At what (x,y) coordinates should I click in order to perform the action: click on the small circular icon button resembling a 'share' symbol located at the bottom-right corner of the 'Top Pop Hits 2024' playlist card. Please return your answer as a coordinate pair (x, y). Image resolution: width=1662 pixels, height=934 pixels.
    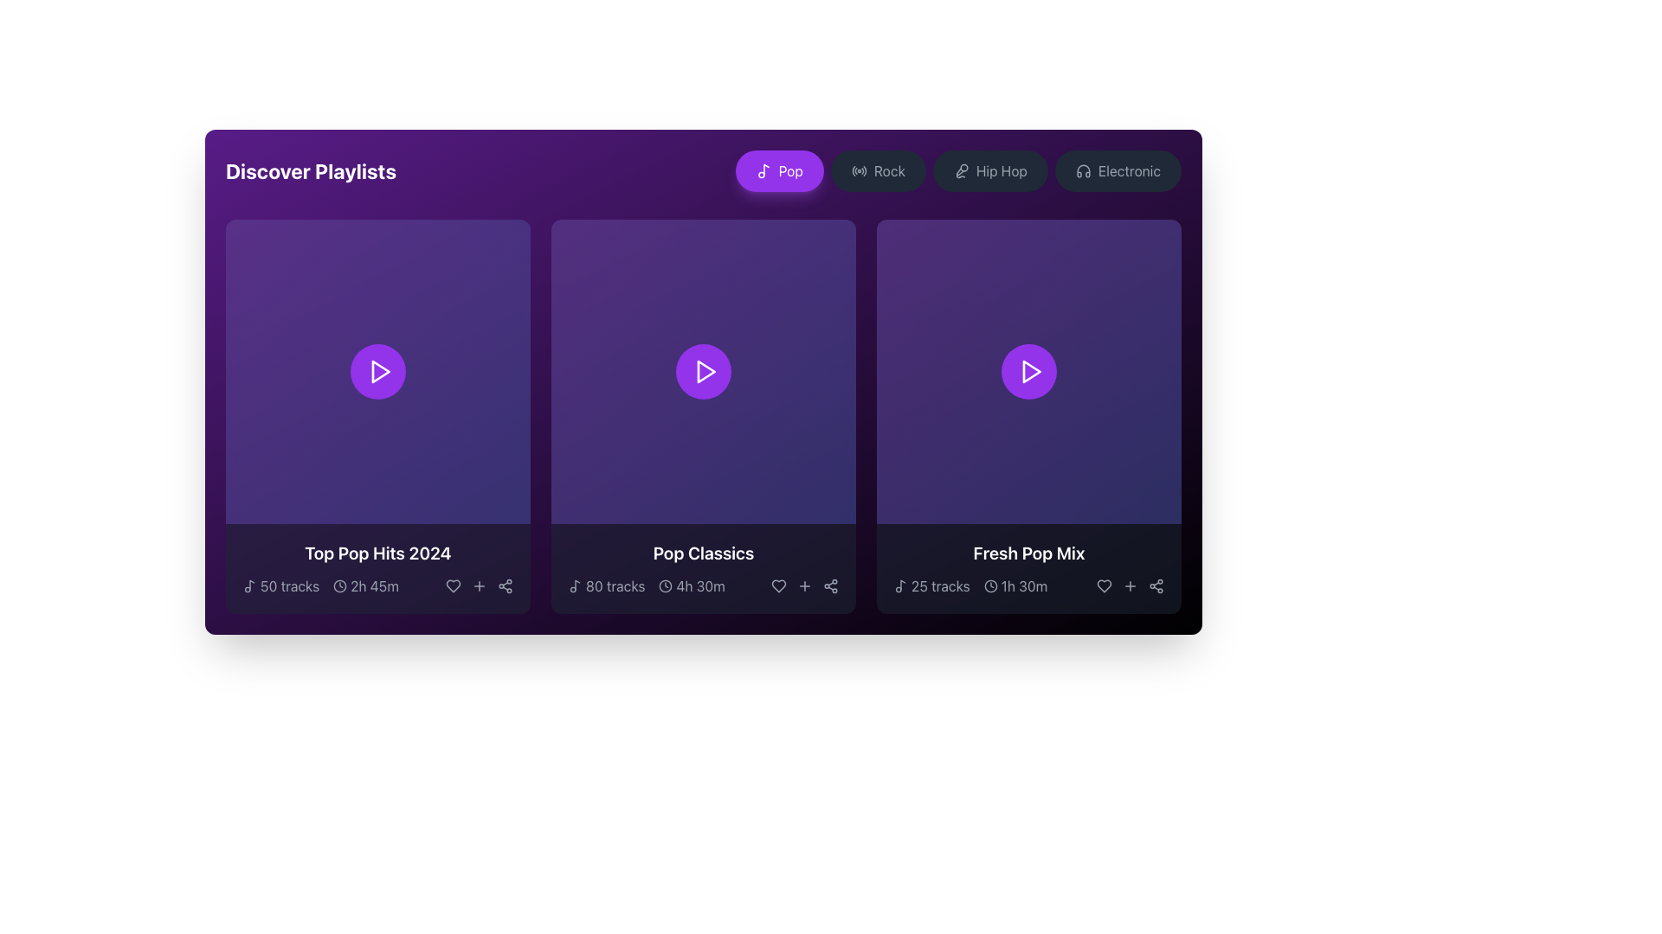
    Looking at the image, I should click on (505, 585).